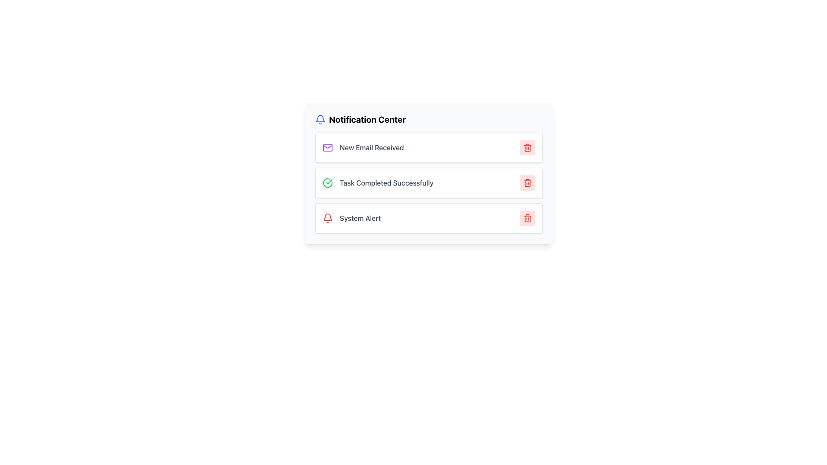 Image resolution: width=827 pixels, height=465 pixels. What do you see at coordinates (327, 147) in the screenshot?
I see `the purple outlined envelope icon in the 'New Email Received' row of the Notification Center panel` at bounding box center [327, 147].